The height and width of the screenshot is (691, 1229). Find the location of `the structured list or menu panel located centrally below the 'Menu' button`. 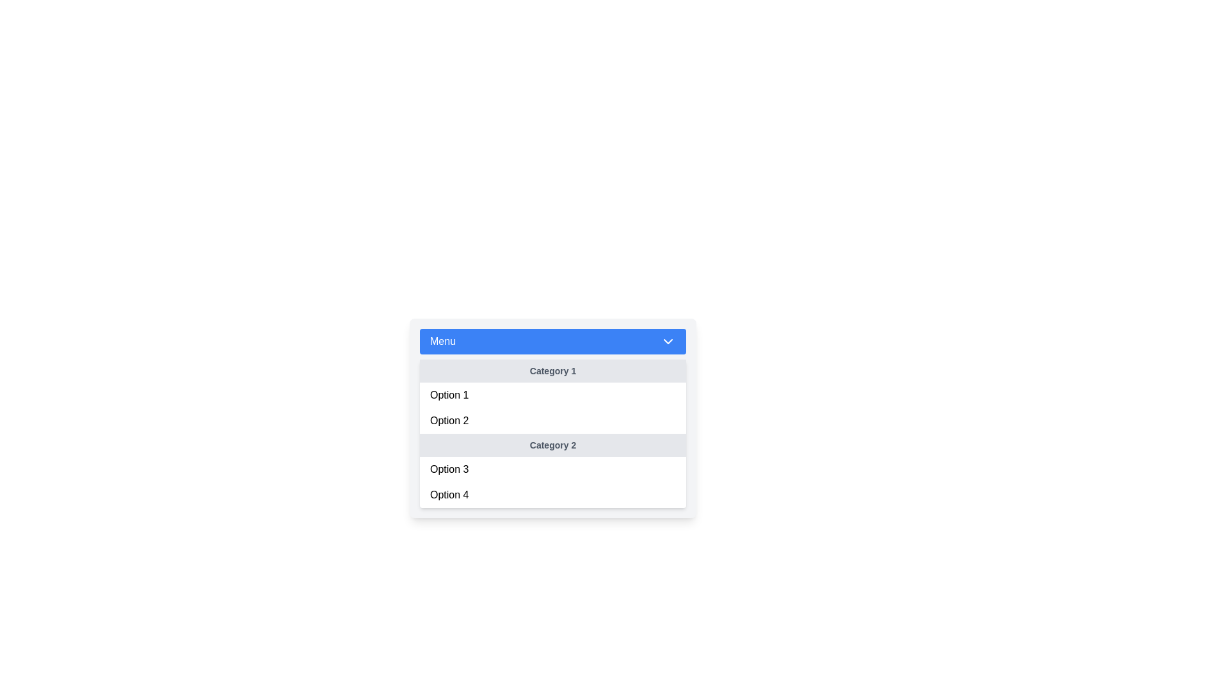

the structured list or menu panel located centrally below the 'Menu' button is located at coordinates (553, 418).